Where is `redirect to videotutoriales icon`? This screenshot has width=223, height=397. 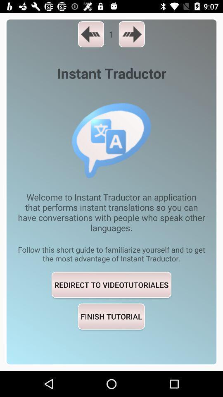
redirect to videotutoriales icon is located at coordinates (111, 285).